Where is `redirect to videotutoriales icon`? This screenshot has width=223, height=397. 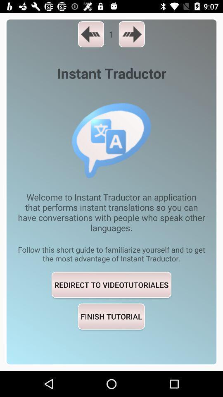
redirect to videotutoriales icon is located at coordinates (111, 285).